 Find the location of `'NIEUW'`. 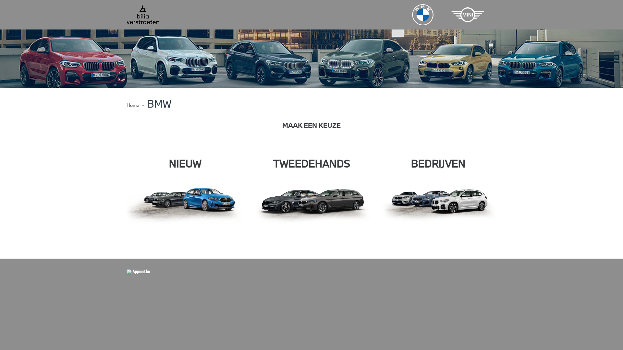

'NIEUW' is located at coordinates (168, 163).